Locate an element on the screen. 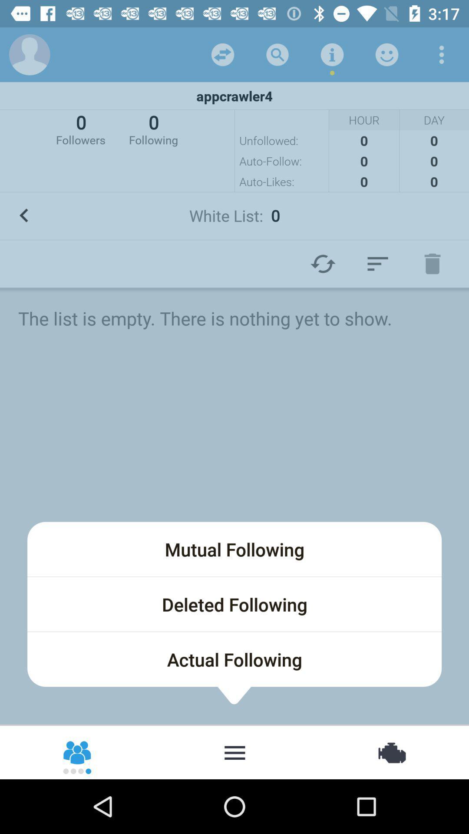 The image size is (469, 834). show following list is located at coordinates (234, 751).